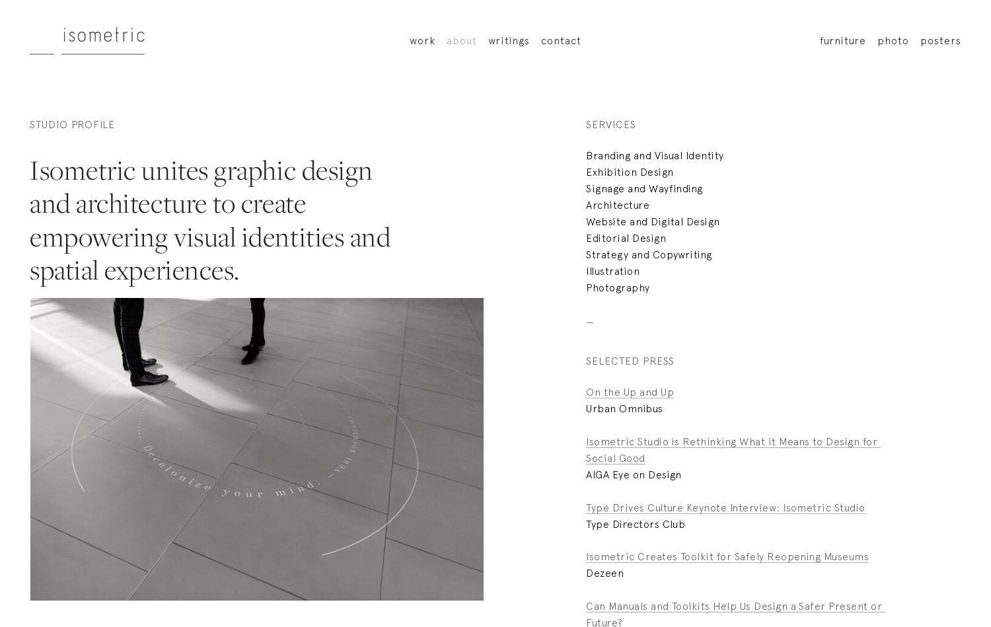 This screenshot has height=627, width=991. Describe the element at coordinates (652, 220) in the screenshot. I see `'Website and Digital Design'` at that location.